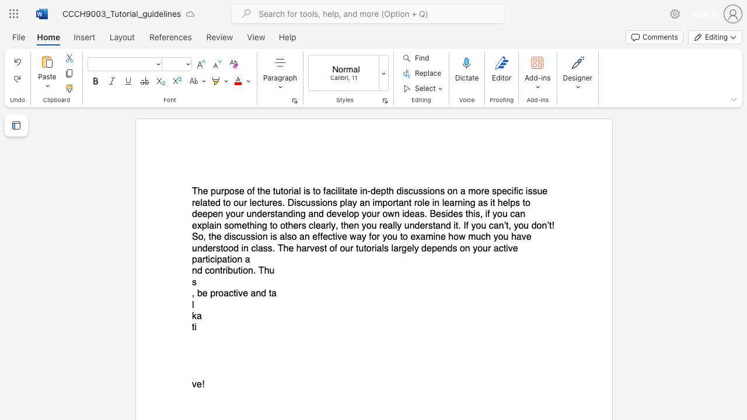  Describe the element at coordinates (233, 293) in the screenshot. I see `the subset text "tive and t" within the text ", be proactive and ta"` at that location.